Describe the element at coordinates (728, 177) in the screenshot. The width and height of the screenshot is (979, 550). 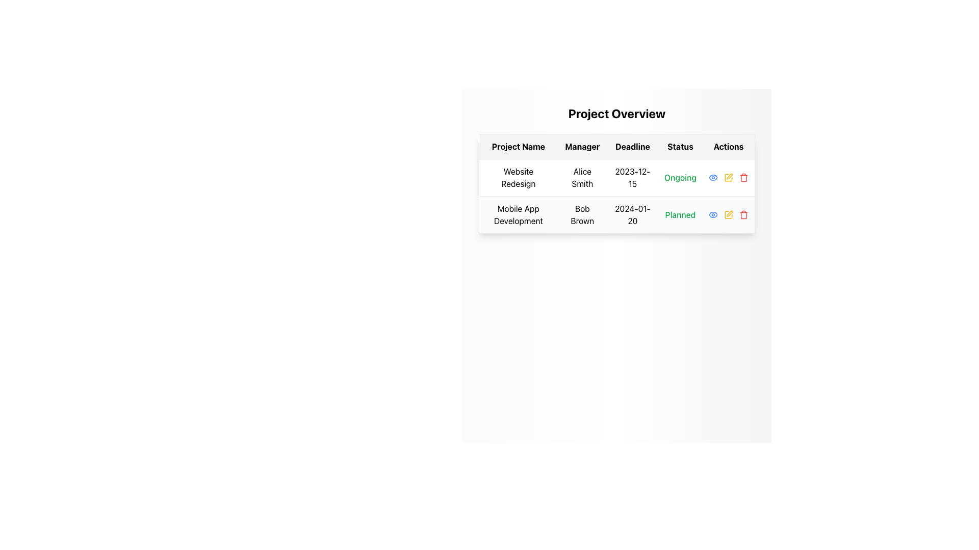
I see `the small yellow pen icon in the 'Actions' column for the project 'Website Redesign'` at that location.